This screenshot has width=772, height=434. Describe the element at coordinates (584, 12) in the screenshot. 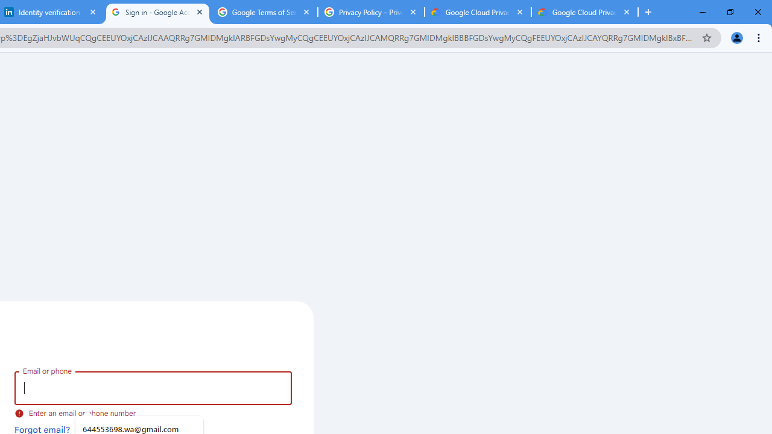

I see `'Google Cloud Privacy Notice'` at that location.